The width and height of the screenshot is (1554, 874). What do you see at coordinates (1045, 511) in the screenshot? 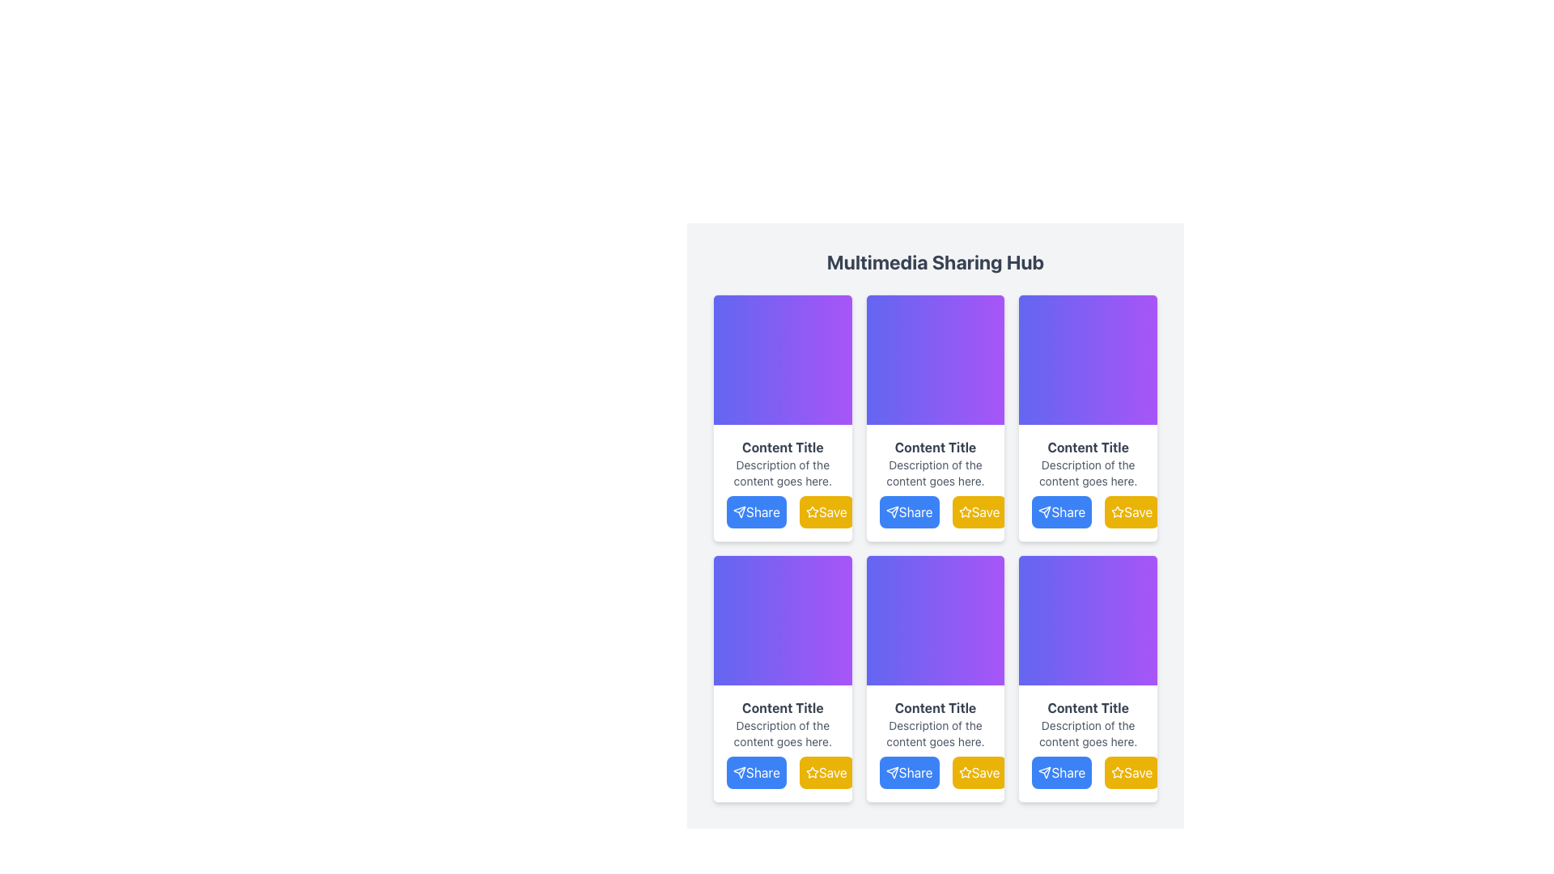
I see `the small blue paper plane icon within the 'Share' button located below the third content card in the grid layout` at bounding box center [1045, 511].